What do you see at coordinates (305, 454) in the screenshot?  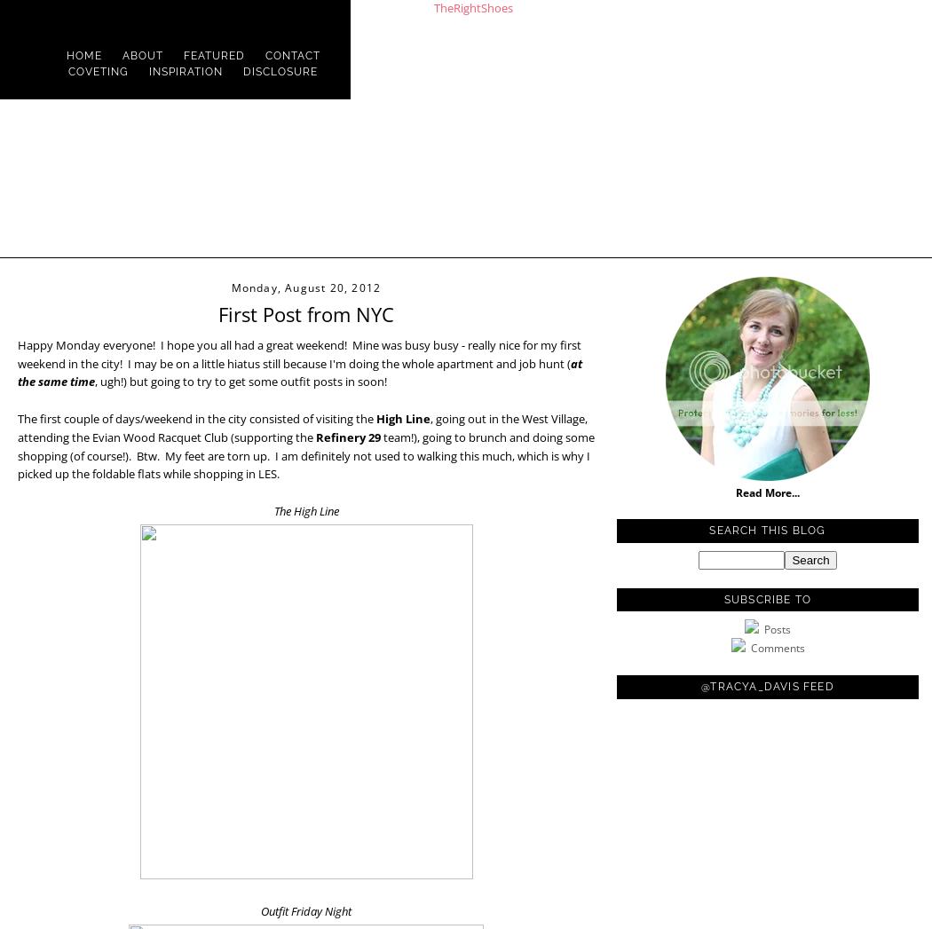 I see `'team!), going to brunch and doing some shopping (of course!).  Btw.  My feet are torn up.  I am definitely not used to walking this much, which is why I picked up the foldable flats while shopping in LES.'` at bounding box center [305, 454].